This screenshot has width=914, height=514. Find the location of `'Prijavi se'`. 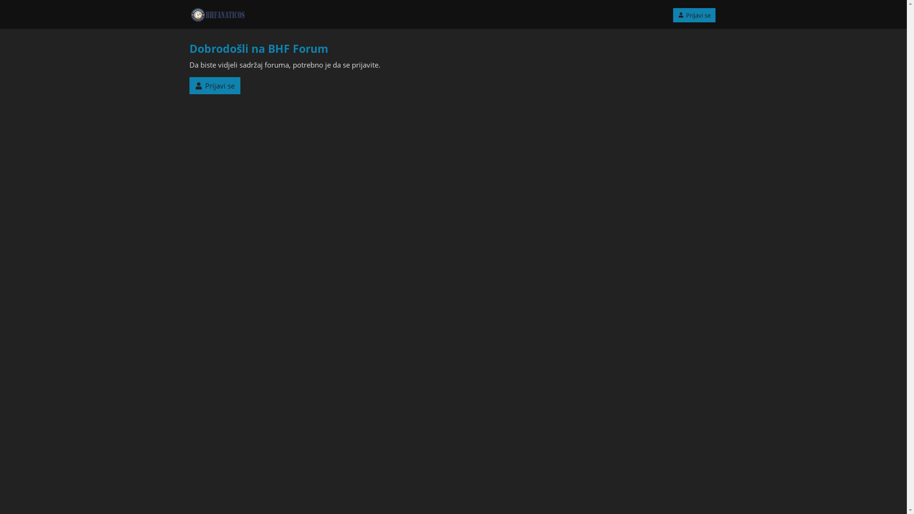

'Prijavi se' is located at coordinates (214, 86).